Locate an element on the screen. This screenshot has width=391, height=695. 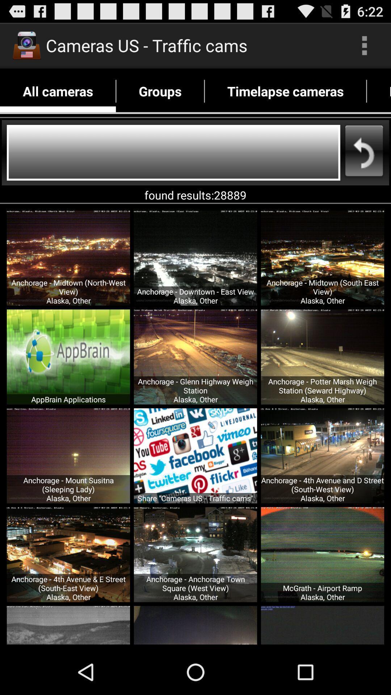
third row first image is located at coordinates (68, 554).